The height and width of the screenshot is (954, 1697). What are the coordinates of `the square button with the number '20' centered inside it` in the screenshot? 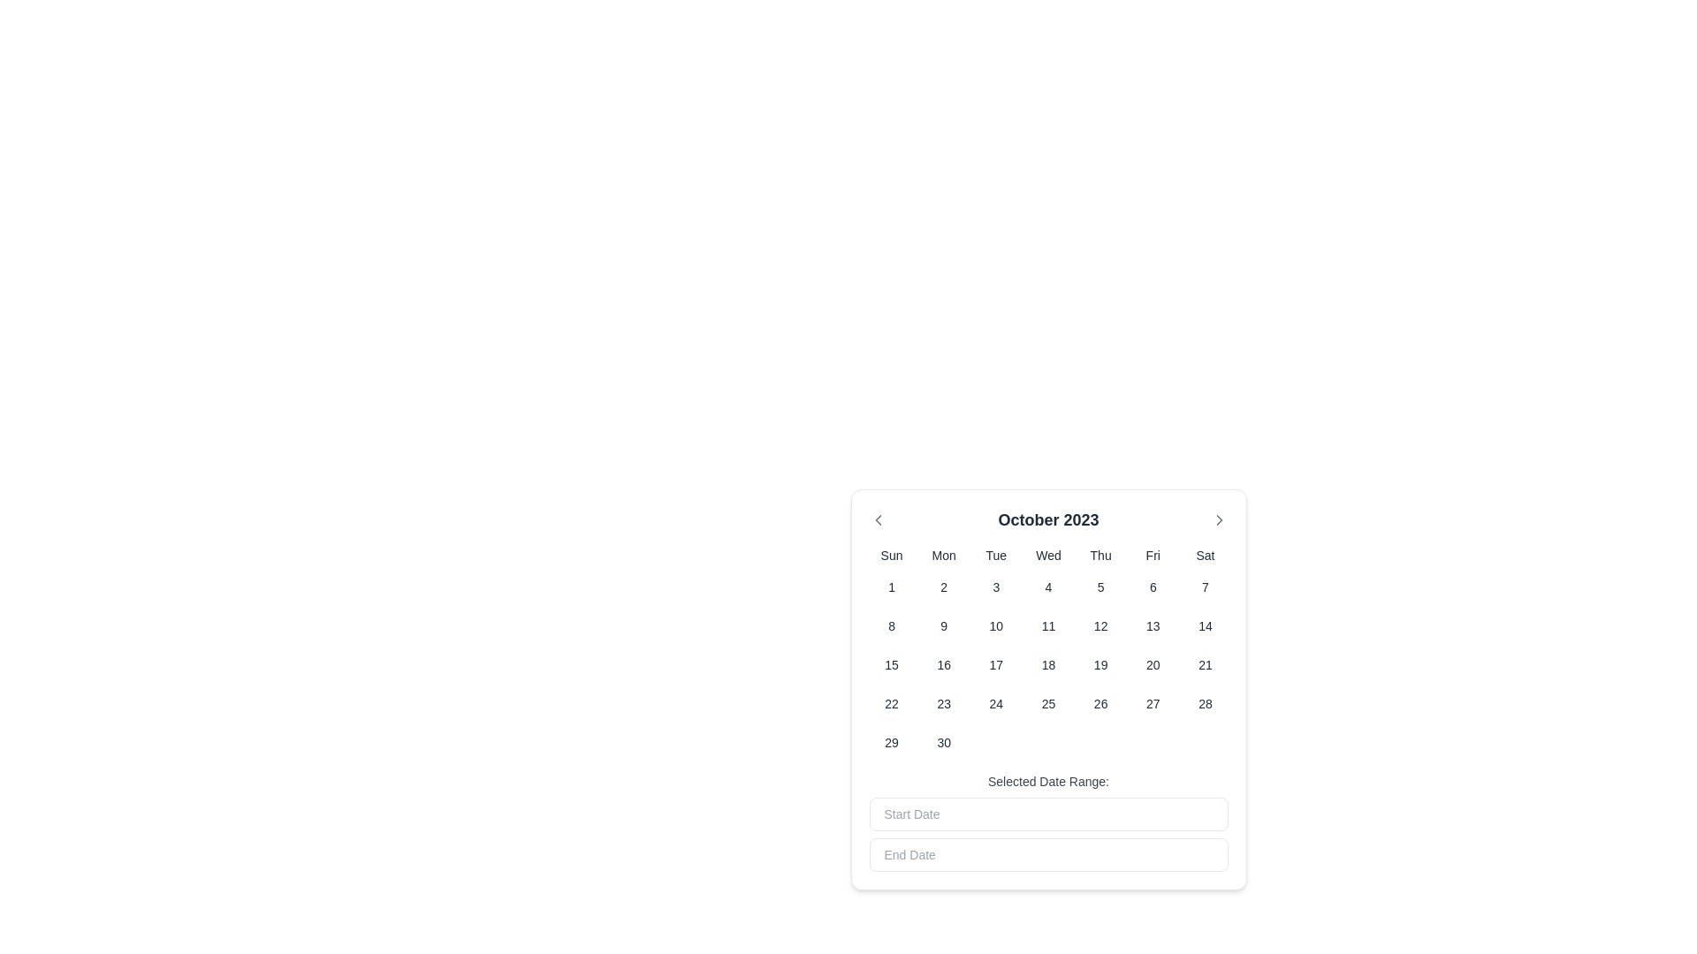 It's located at (1153, 664).